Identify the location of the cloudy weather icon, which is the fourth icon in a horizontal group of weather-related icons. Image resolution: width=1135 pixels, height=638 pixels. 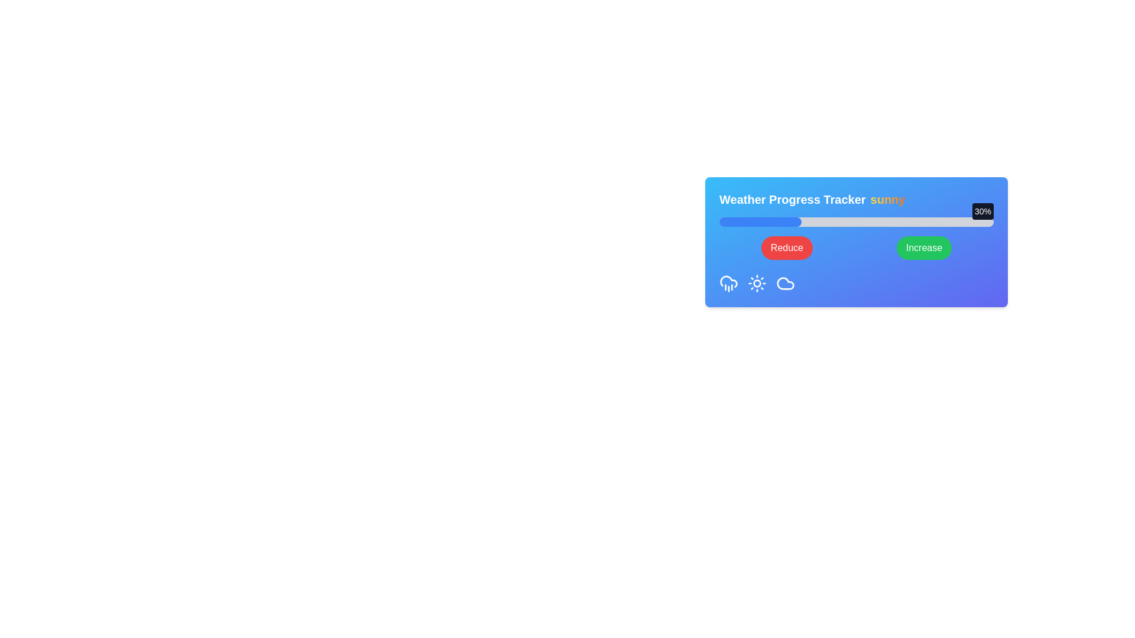
(786, 283).